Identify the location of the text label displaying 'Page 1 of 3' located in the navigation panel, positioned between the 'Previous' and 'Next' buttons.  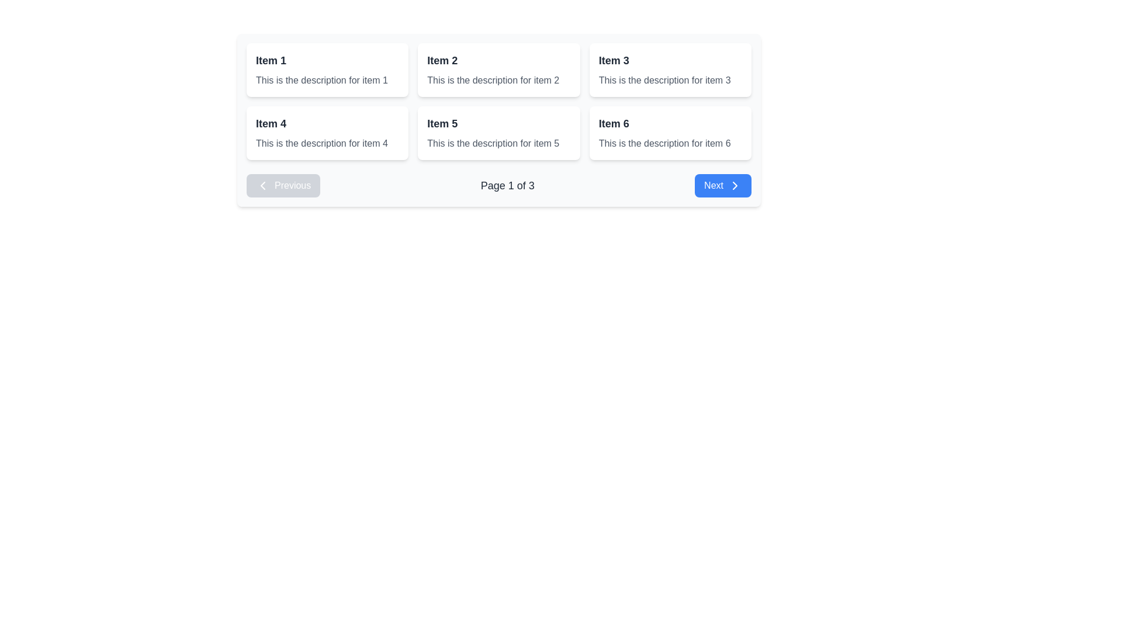
(507, 185).